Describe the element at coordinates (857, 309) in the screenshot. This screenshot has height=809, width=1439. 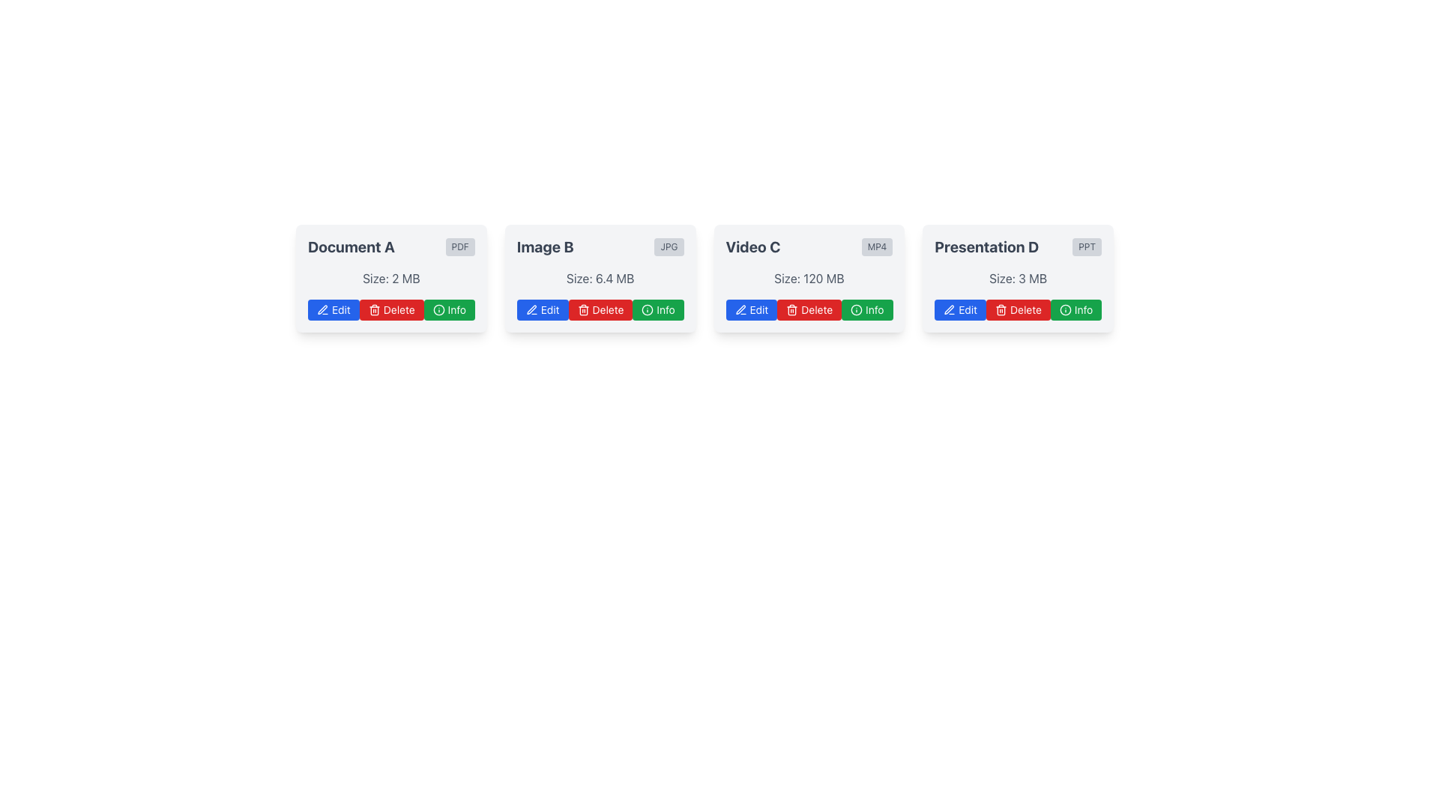
I see `the circular outline element of the 'info' icon located in the top-right corner of the 'Image B' file card` at that location.